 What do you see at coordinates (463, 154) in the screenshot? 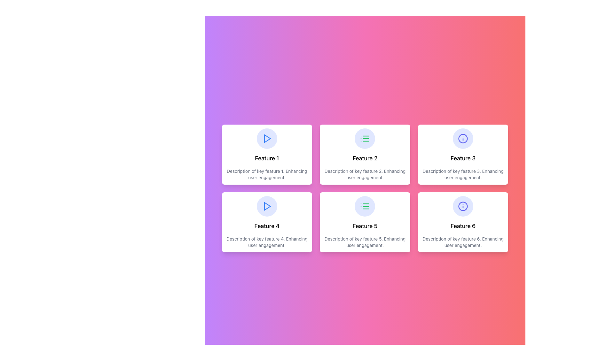
I see `the Feature information card that has a circular blue icon with the letter 'i', displays 'Feature 3' in bold, and includes a descriptive paragraph below` at bounding box center [463, 154].